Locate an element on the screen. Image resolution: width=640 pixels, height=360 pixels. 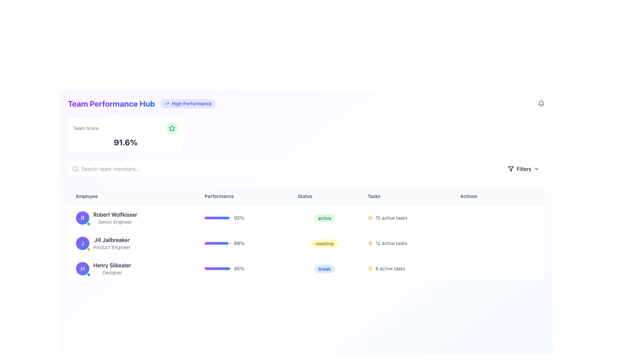
the progress bar element indicating the performance of Robert Wolfkisser, which shows a gradient progress from purple to blue and is adjacent to the '92%' percentage text is located at coordinates (218, 218).